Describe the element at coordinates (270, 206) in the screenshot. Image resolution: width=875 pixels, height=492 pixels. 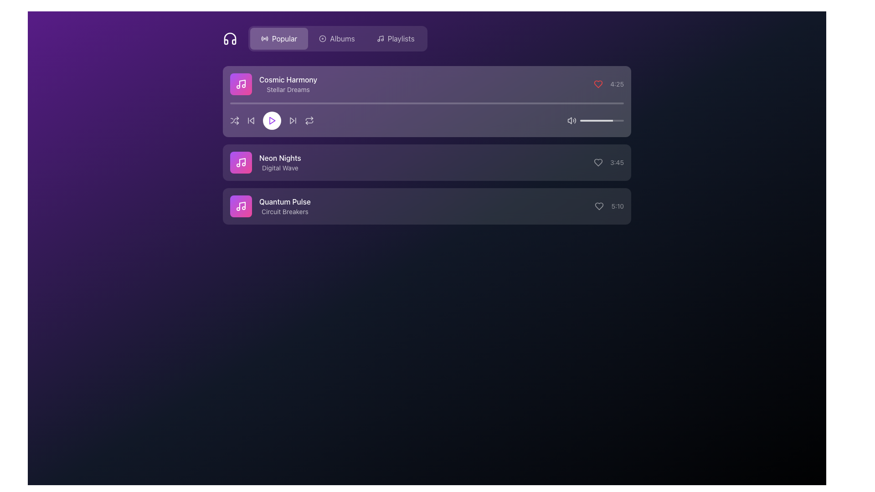
I see `the list item element labeled 'Quantum Pulse' with a music note icon` at that location.